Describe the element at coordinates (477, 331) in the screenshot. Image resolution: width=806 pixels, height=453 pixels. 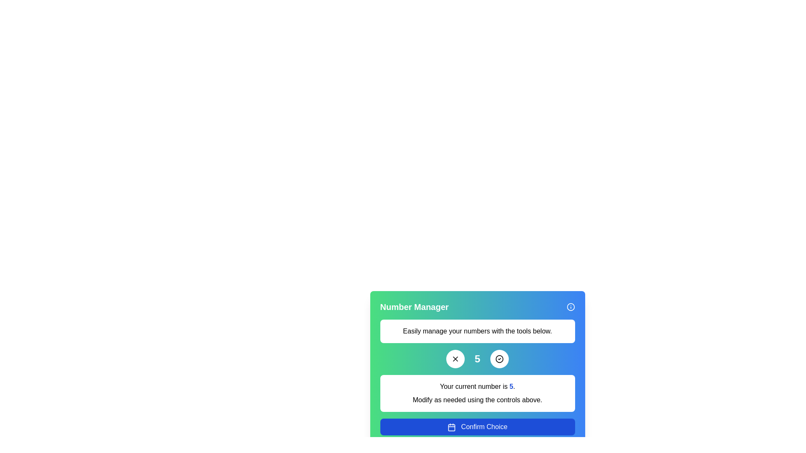
I see `the Text Display Box, which is located below the title 'Number Manager' and above the control buttons, providing users with instructions or context for the available tools` at that location.